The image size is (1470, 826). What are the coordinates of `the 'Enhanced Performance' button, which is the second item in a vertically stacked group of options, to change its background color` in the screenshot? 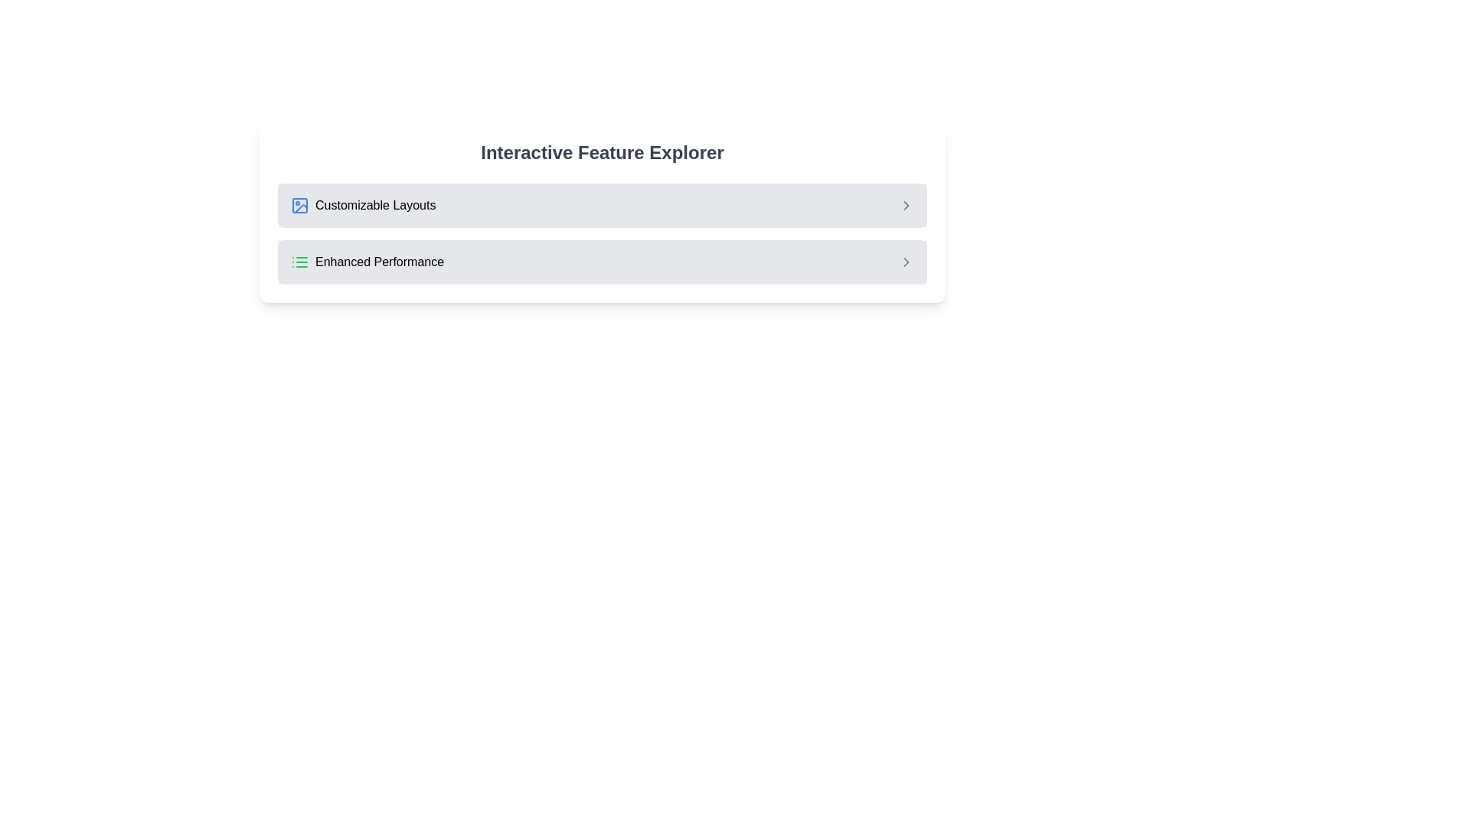 It's located at (602, 262).